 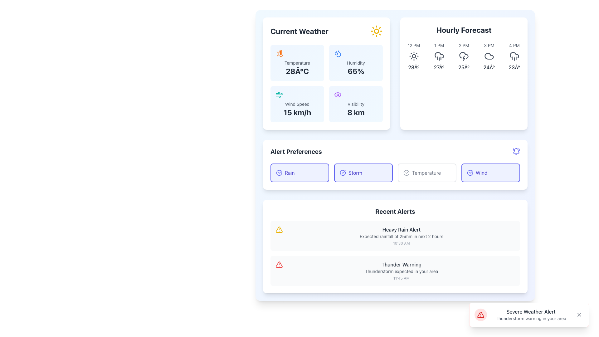 What do you see at coordinates (414, 56) in the screenshot?
I see `the centered filled circle in the sun icon located at the top-right of the 'Current Weather' section` at bounding box center [414, 56].